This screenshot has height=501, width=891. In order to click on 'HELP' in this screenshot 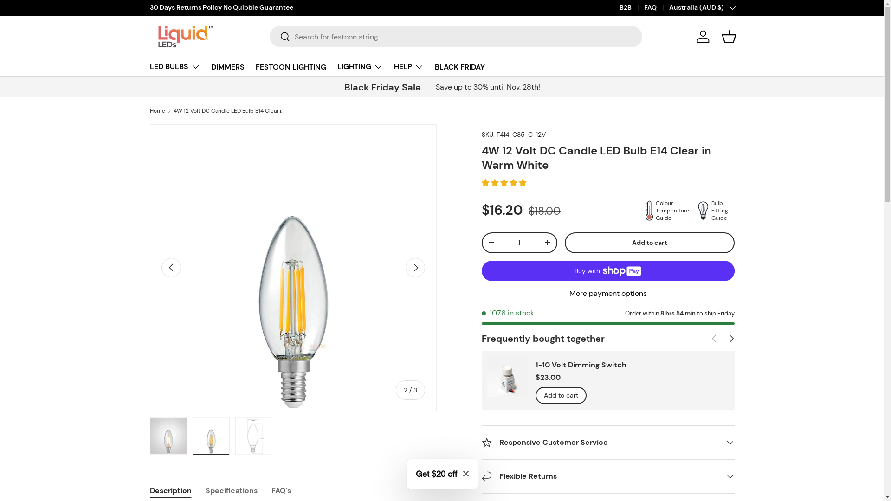, I will do `click(408, 66)`.